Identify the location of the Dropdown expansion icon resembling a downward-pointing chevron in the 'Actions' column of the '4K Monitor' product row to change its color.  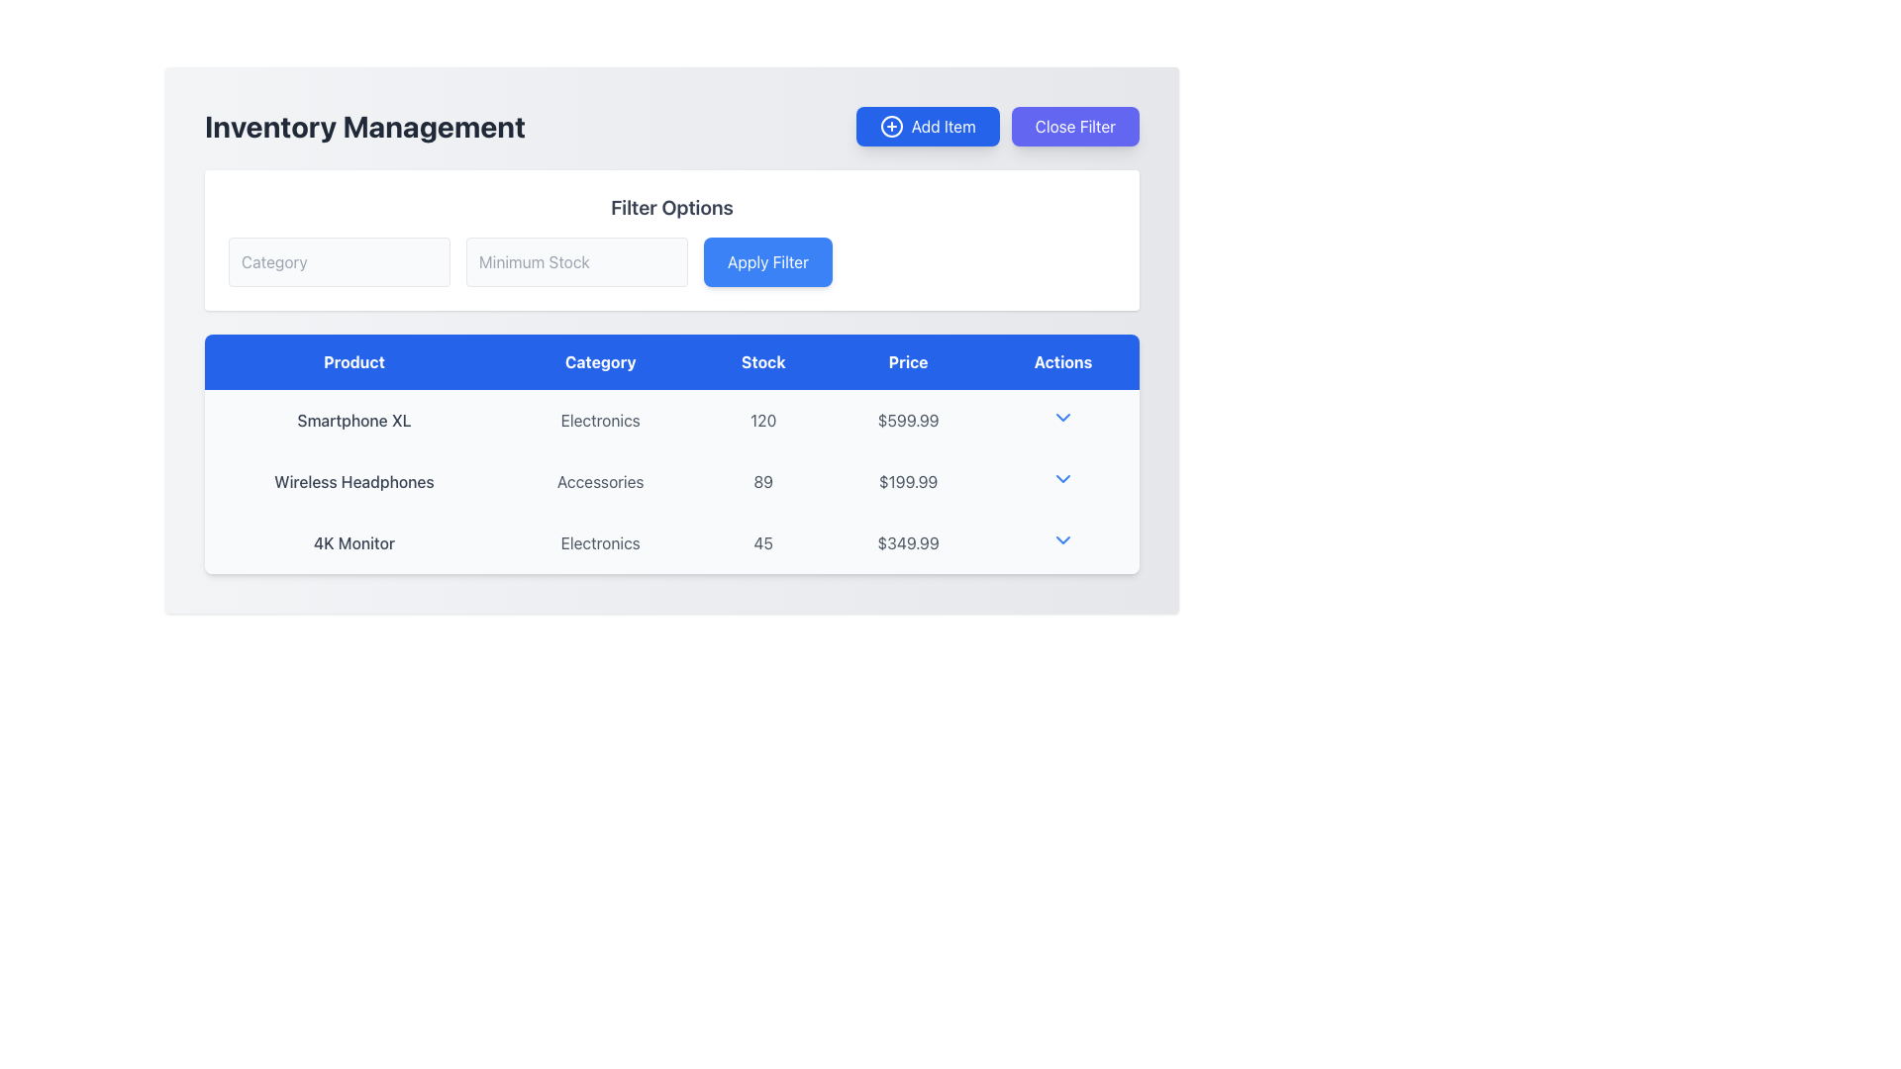
(1062, 542).